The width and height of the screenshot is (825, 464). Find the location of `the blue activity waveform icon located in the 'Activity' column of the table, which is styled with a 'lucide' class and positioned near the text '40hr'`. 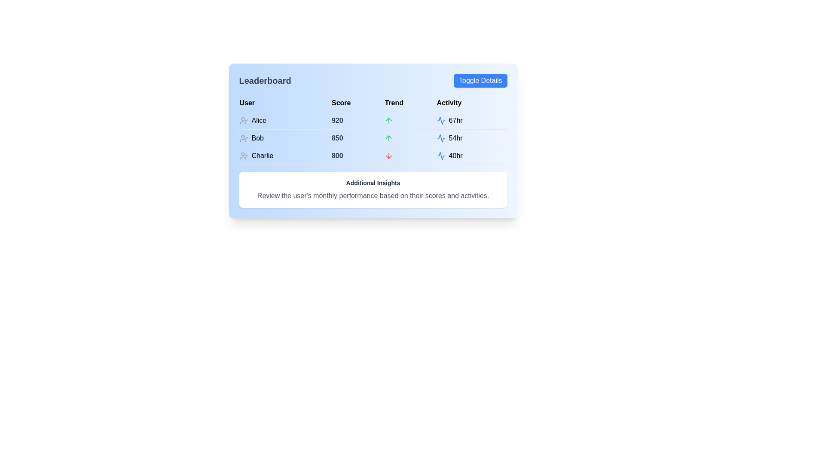

the blue activity waveform icon located in the 'Activity' column of the table, which is styled with a 'lucide' class and positioned near the text '40hr' is located at coordinates (441, 156).